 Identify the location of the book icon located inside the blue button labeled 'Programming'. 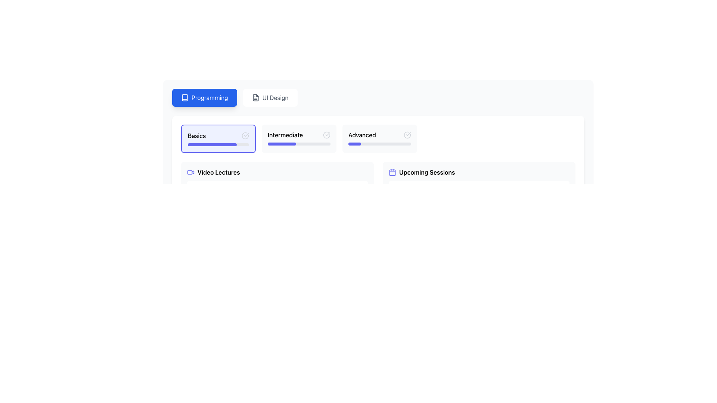
(184, 97).